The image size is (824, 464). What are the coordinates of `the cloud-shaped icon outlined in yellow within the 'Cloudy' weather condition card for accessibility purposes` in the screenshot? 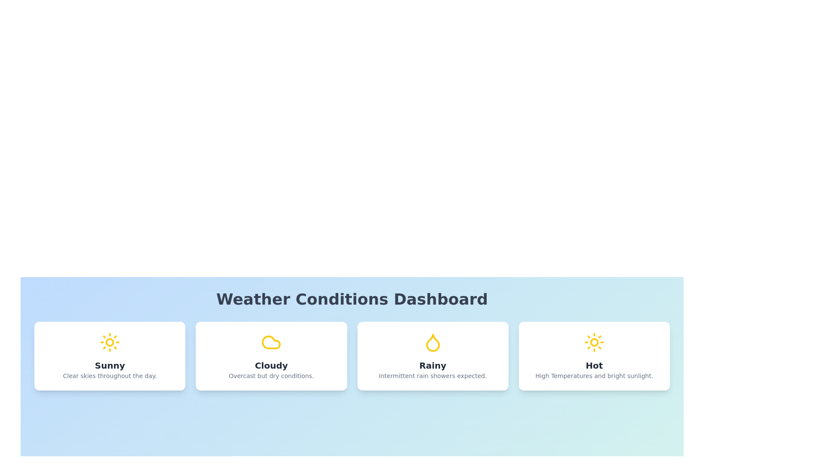 It's located at (271, 342).